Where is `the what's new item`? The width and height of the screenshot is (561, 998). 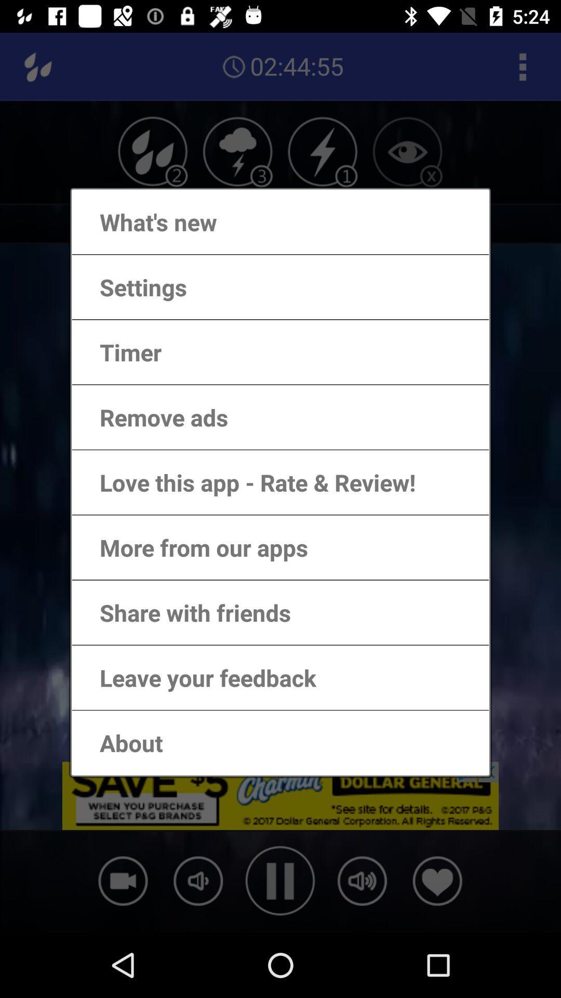
the what's new item is located at coordinates (148, 221).